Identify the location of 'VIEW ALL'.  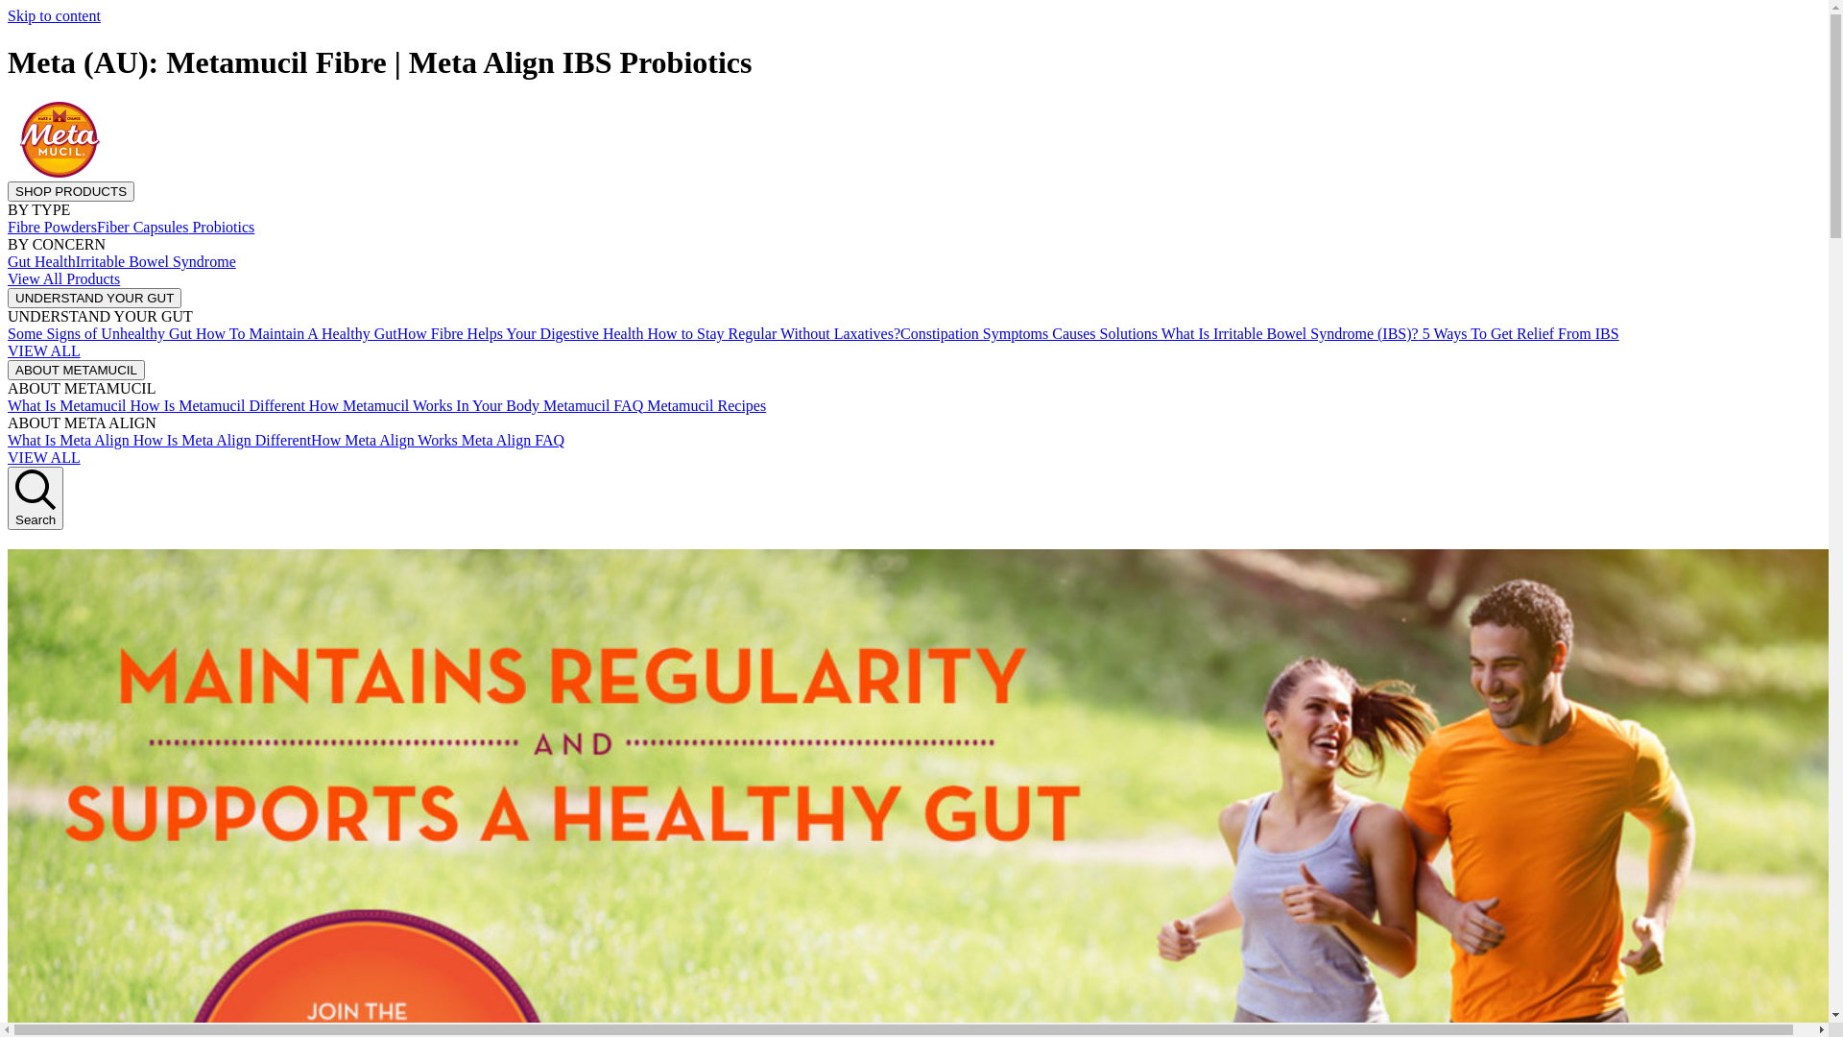
(44, 350).